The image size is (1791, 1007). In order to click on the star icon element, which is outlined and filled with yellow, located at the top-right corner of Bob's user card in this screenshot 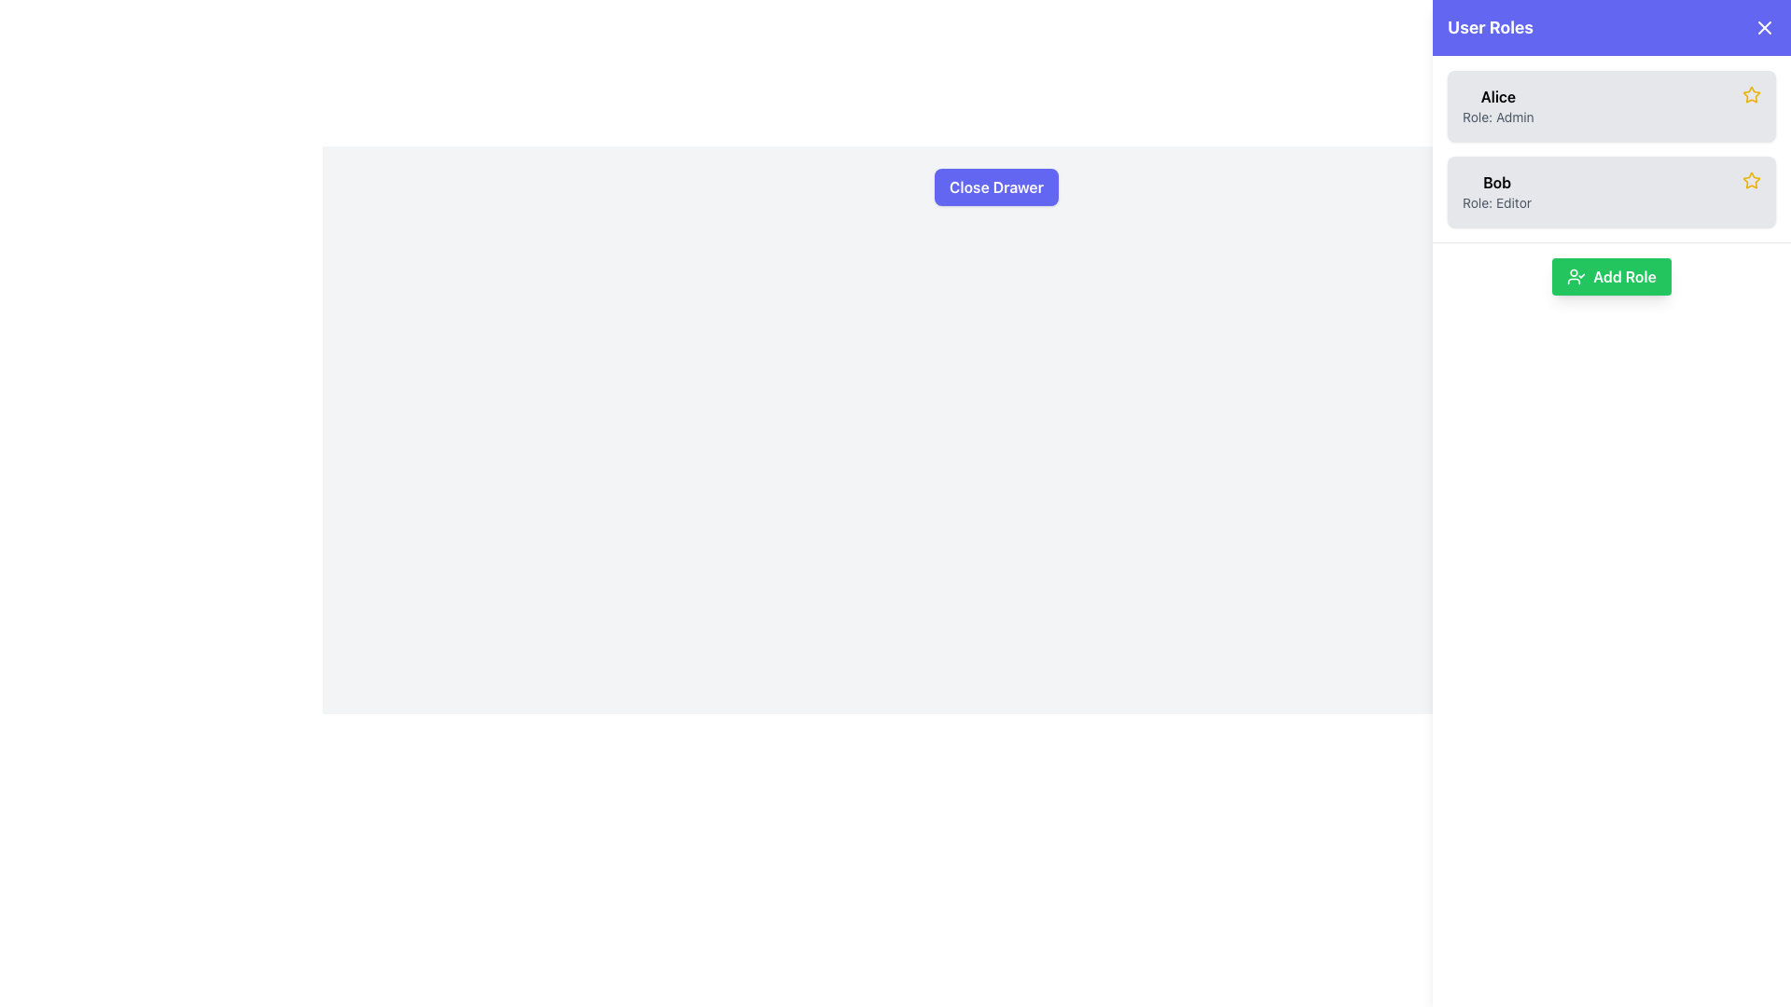, I will do `click(1750, 180)`.